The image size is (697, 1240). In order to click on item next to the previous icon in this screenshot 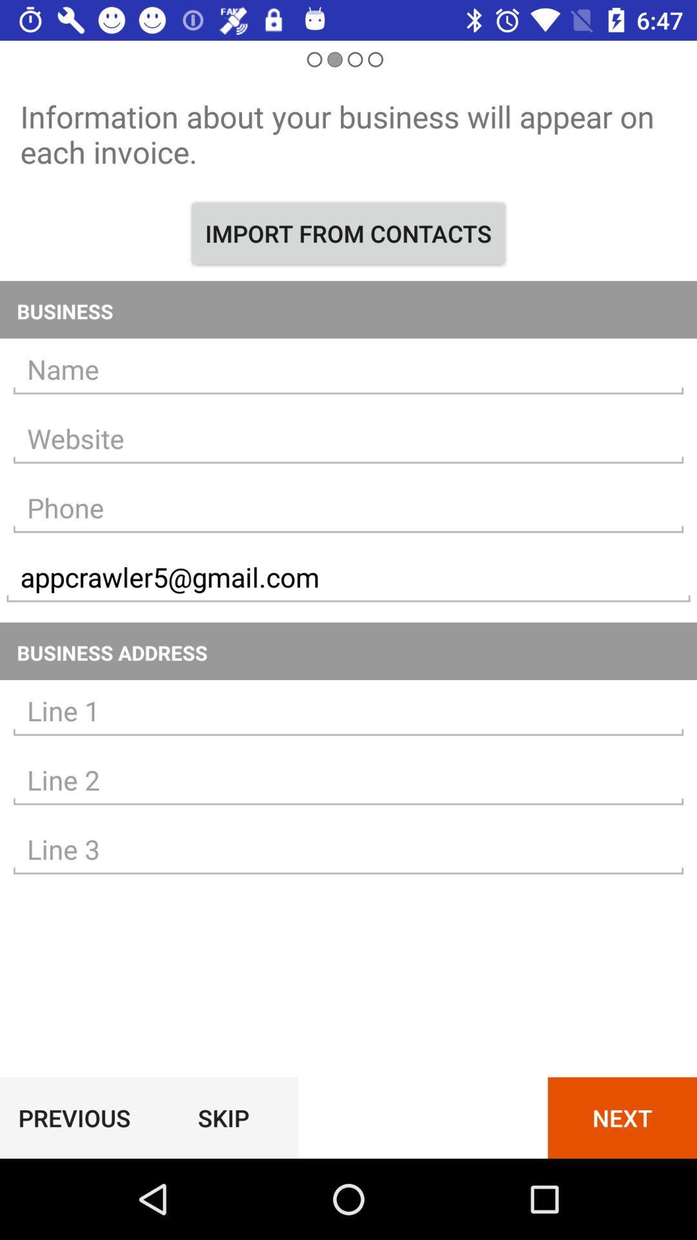, I will do `click(223, 1117)`.